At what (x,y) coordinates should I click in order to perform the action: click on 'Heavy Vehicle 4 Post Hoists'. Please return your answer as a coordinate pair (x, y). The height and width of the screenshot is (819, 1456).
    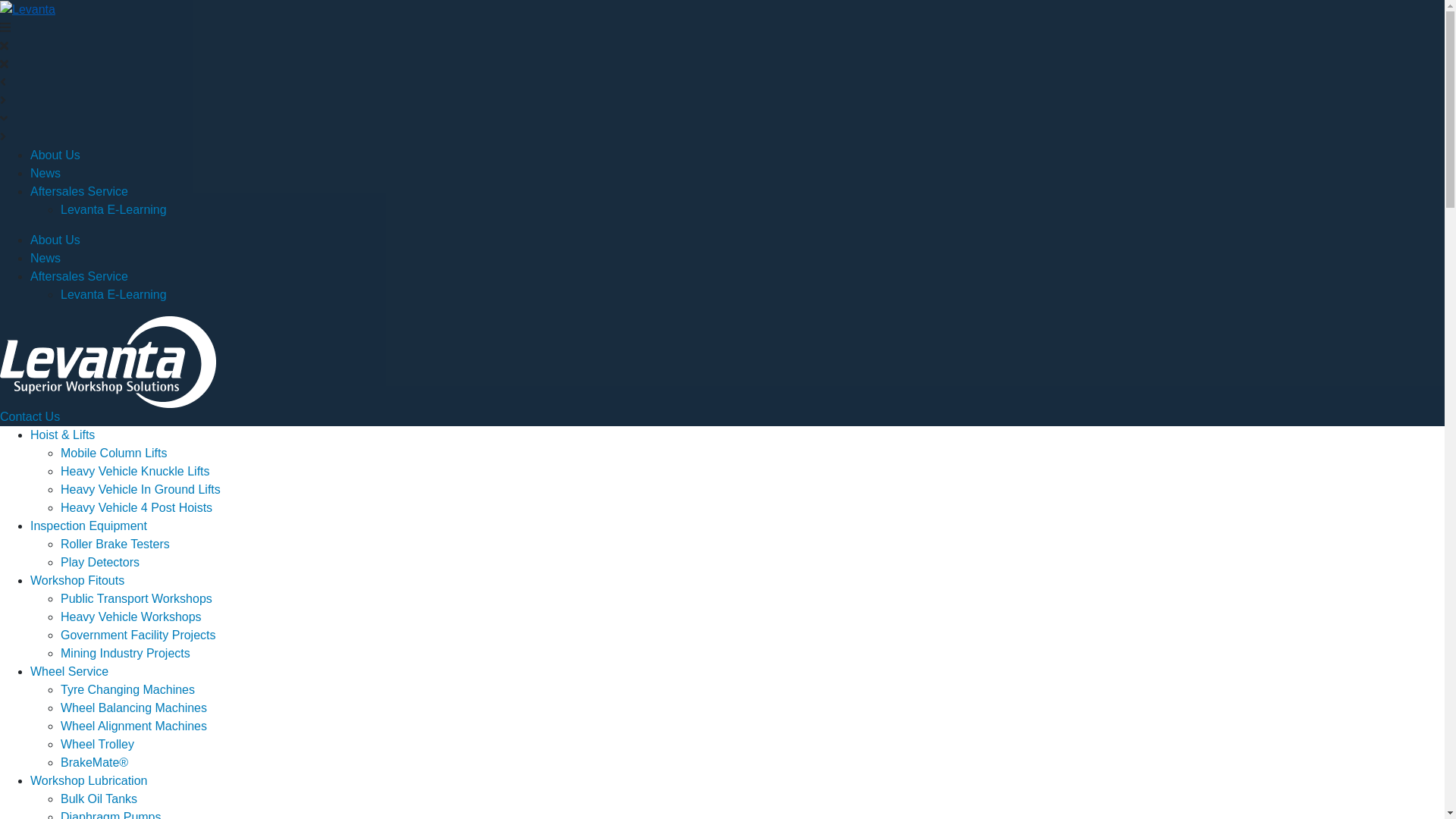
    Looking at the image, I should click on (136, 507).